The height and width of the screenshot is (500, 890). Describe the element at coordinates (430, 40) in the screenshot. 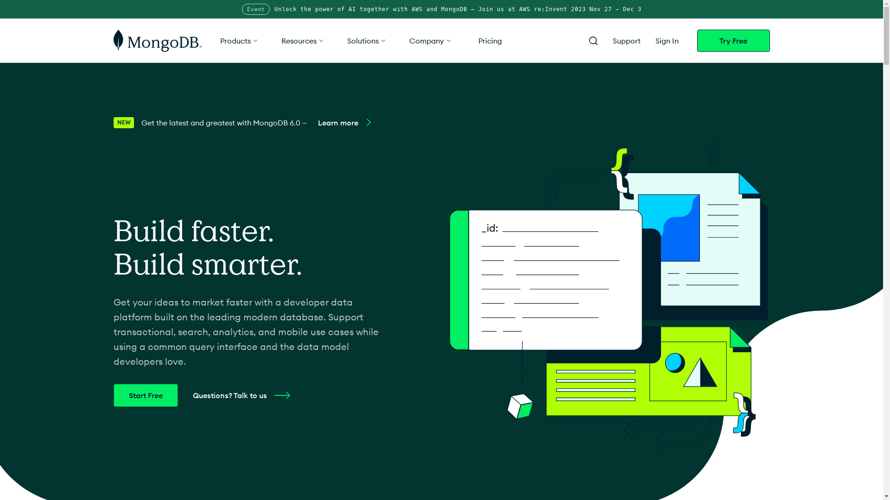

I see `'Company'` at that location.